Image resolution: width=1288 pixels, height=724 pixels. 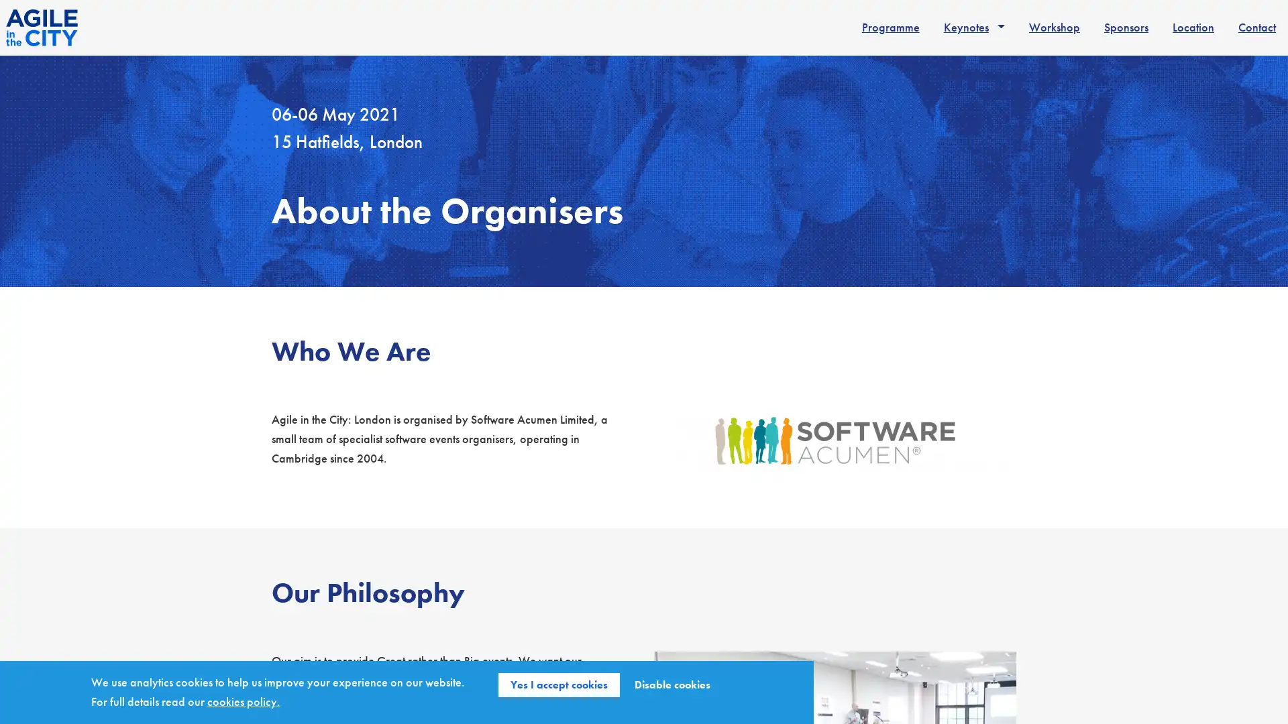 What do you see at coordinates (559, 685) in the screenshot?
I see `Yes I accept cookies` at bounding box center [559, 685].